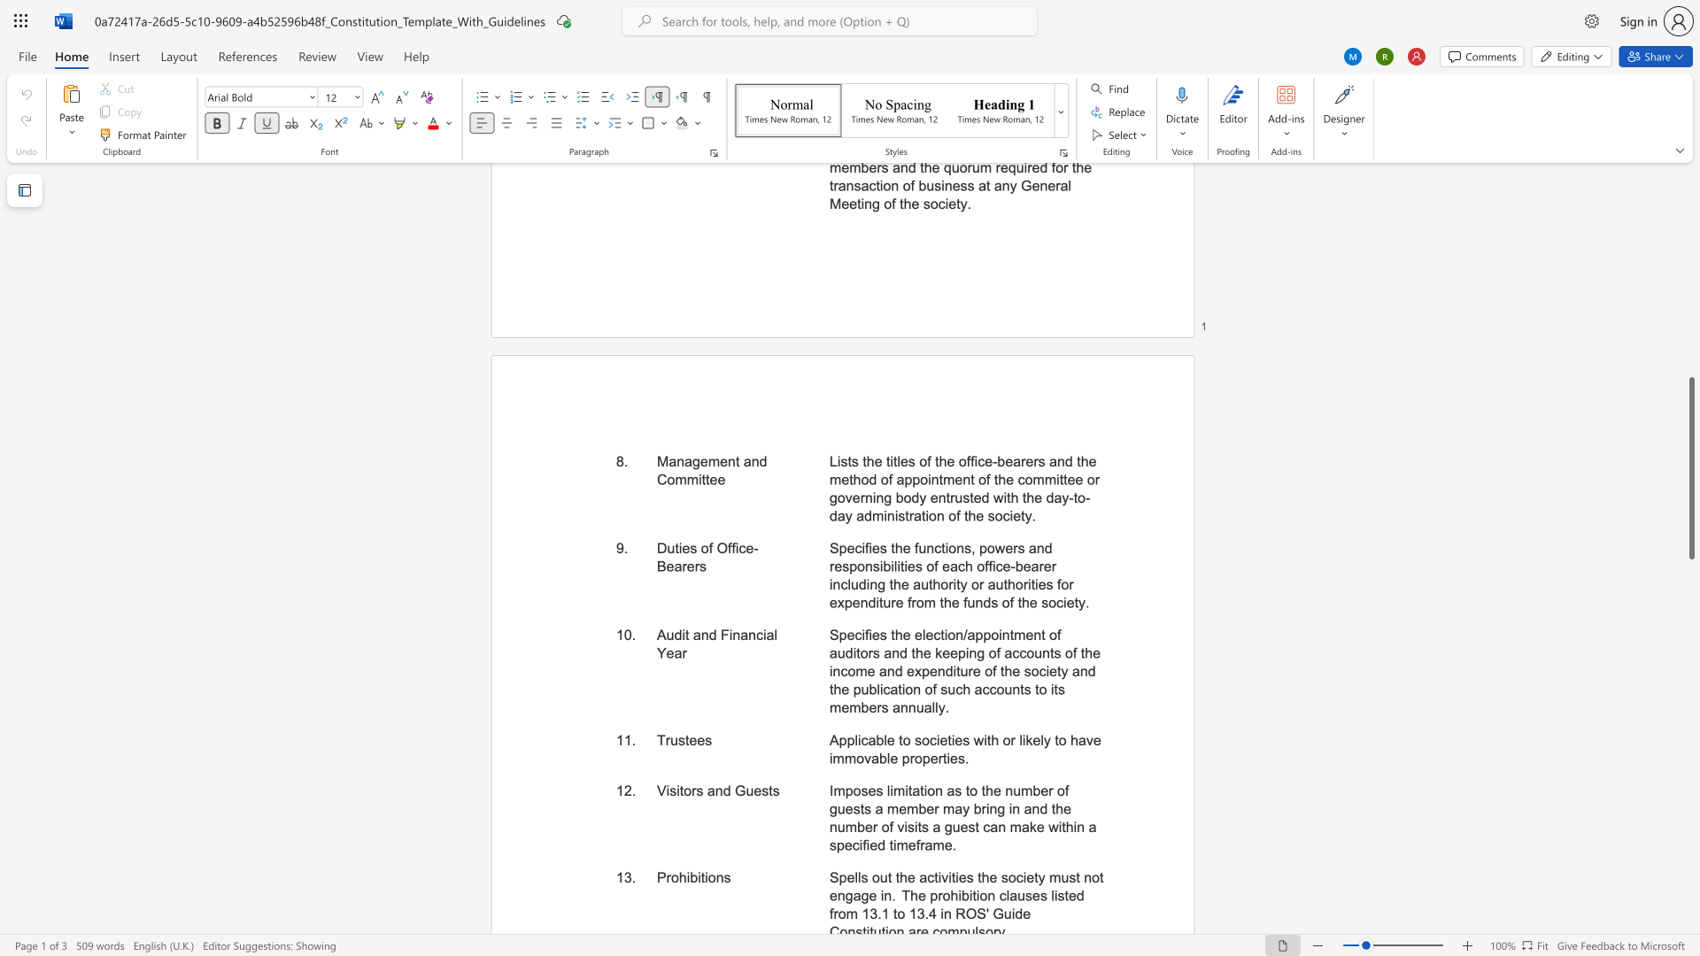 This screenshot has height=956, width=1700. Describe the element at coordinates (972, 740) in the screenshot. I see `the subset text "with or likely to have immova" within the text "Applicable to societies with or likely to have immovable properties."` at that location.